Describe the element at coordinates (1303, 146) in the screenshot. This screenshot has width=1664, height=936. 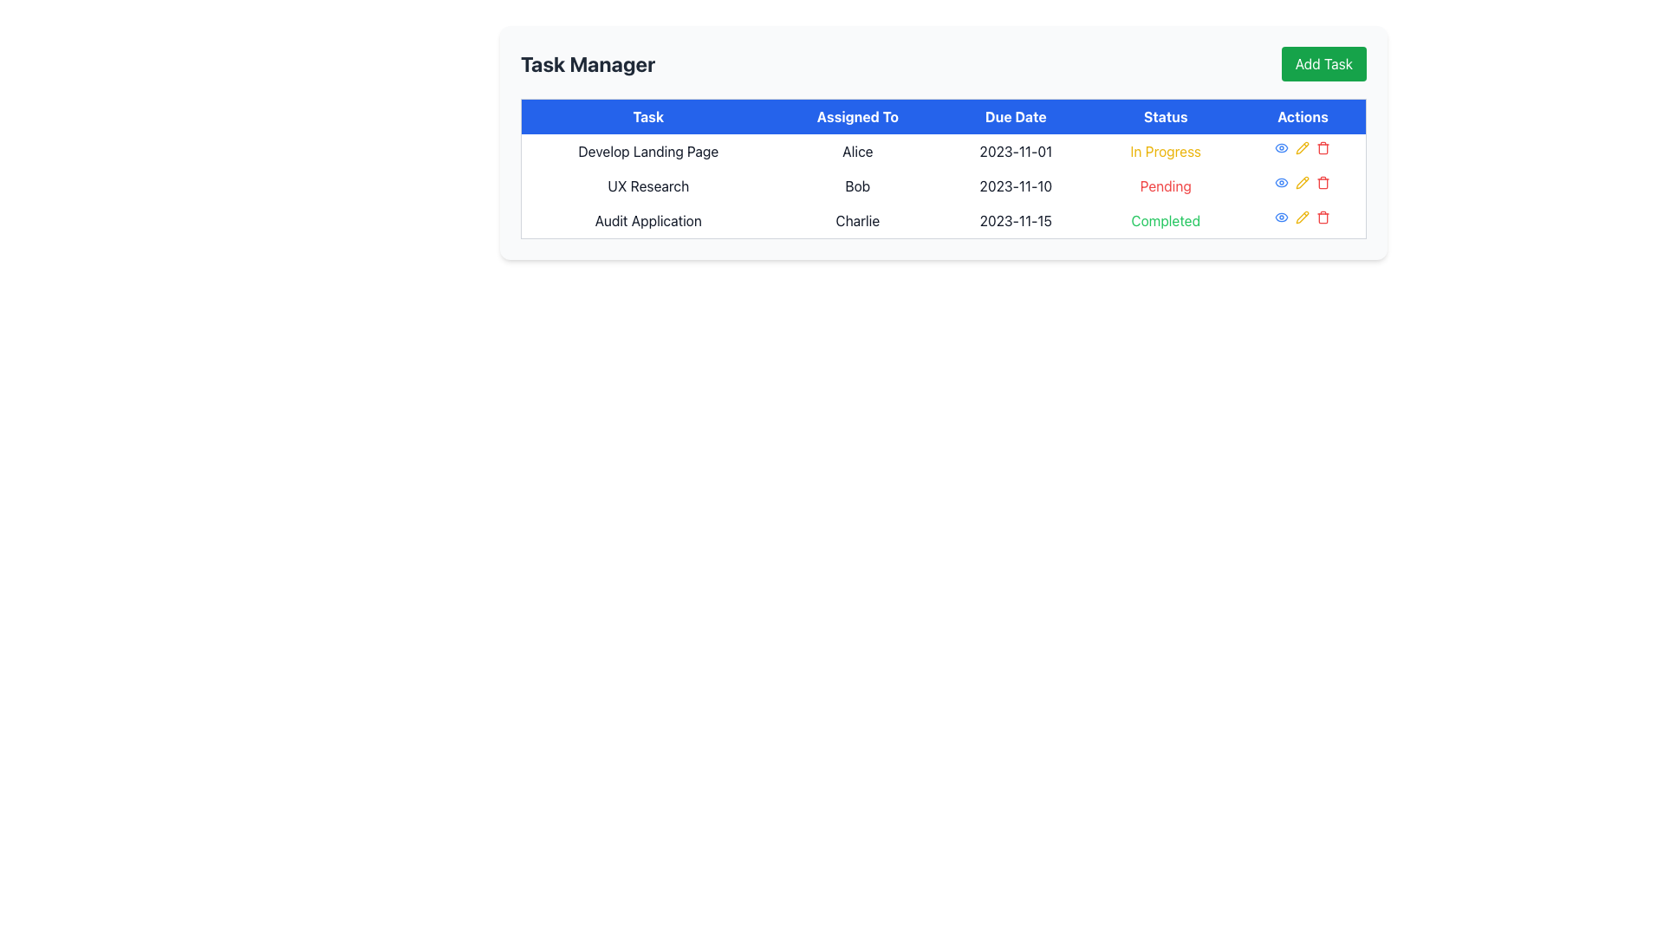
I see `the yellow pencil icon representing the editing action located under the 'Actions' column for the 'Develop Landing Page' task` at that location.